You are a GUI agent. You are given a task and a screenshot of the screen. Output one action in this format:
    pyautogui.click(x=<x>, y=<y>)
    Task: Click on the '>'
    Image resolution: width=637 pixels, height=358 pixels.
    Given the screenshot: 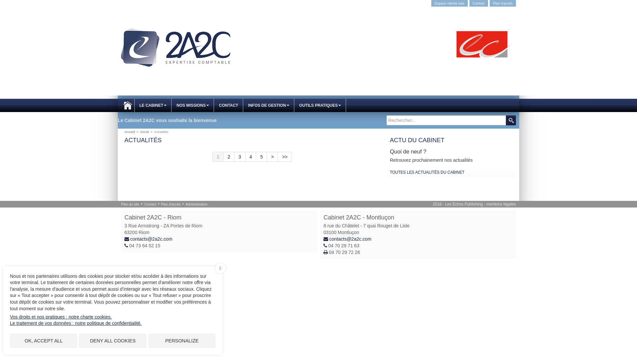 What is the action you would take?
    pyautogui.click(x=272, y=157)
    